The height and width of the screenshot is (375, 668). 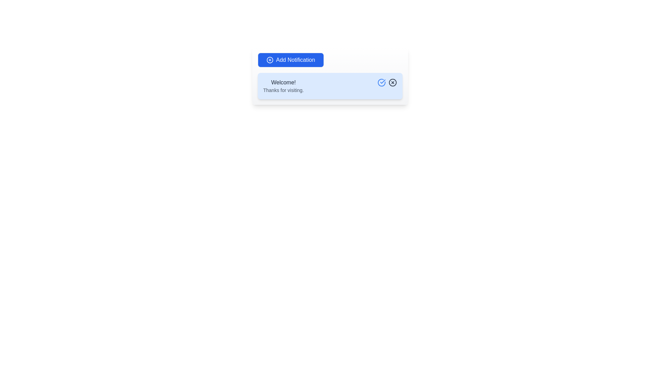 What do you see at coordinates (392, 82) in the screenshot?
I see `the circular close button located at the far right of the notification card with a light blue background, which aligns horizontally with a circular checkmark icon to its left, to indicate interactivity` at bounding box center [392, 82].